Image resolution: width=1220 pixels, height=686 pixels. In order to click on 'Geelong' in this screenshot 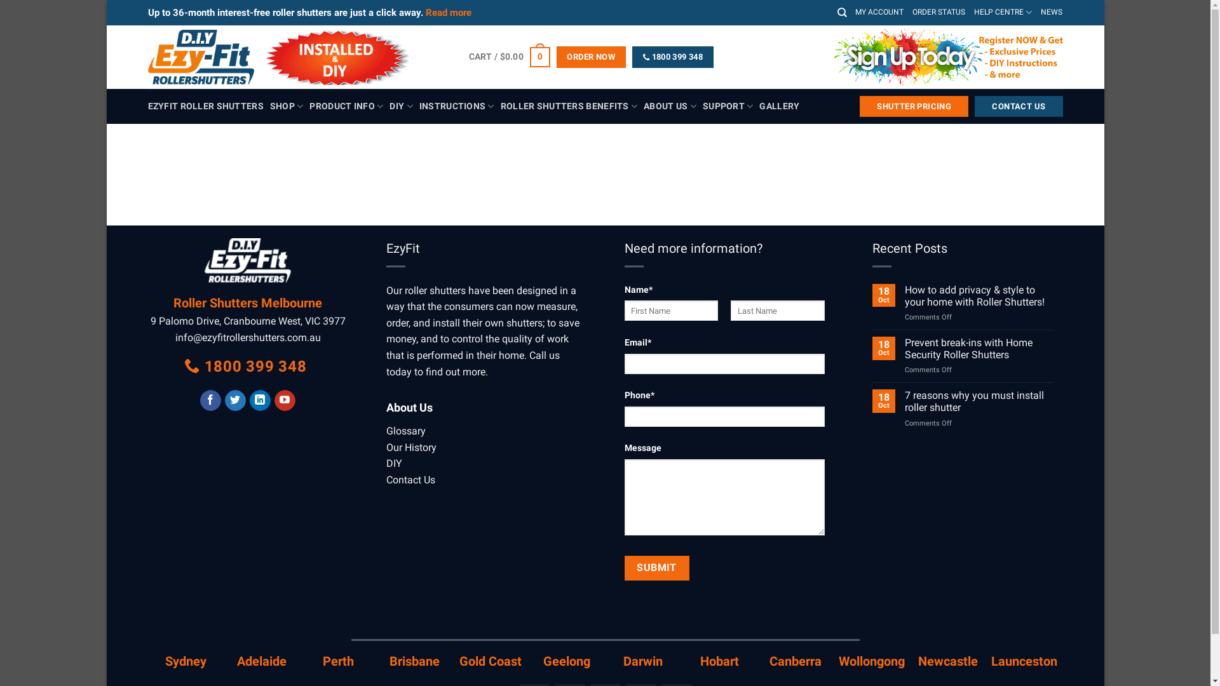, I will do `click(566, 661)`.